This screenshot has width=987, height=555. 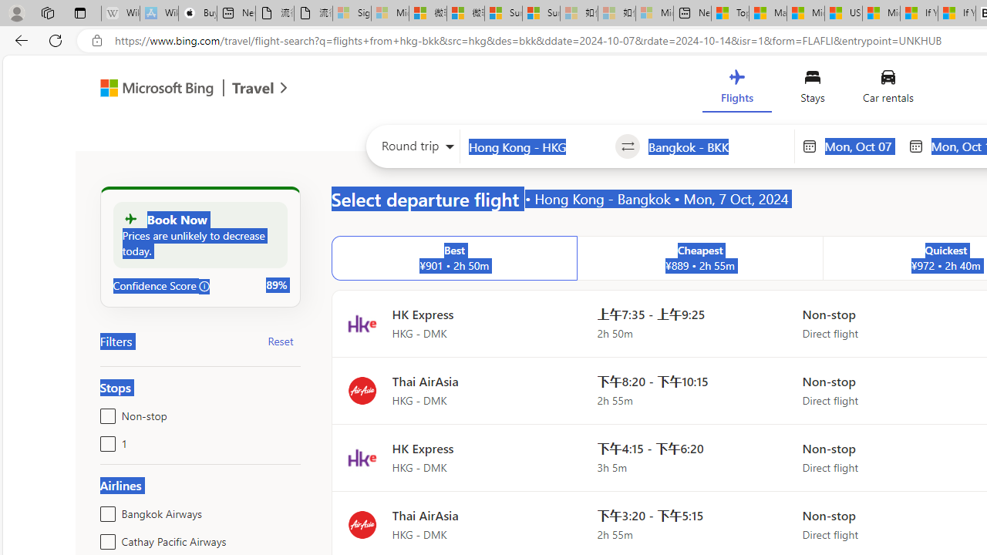 What do you see at coordinates (197, 13) in the screenshot?
I see `'Buy iPad - Apple'` at bounding box center [197, 13].